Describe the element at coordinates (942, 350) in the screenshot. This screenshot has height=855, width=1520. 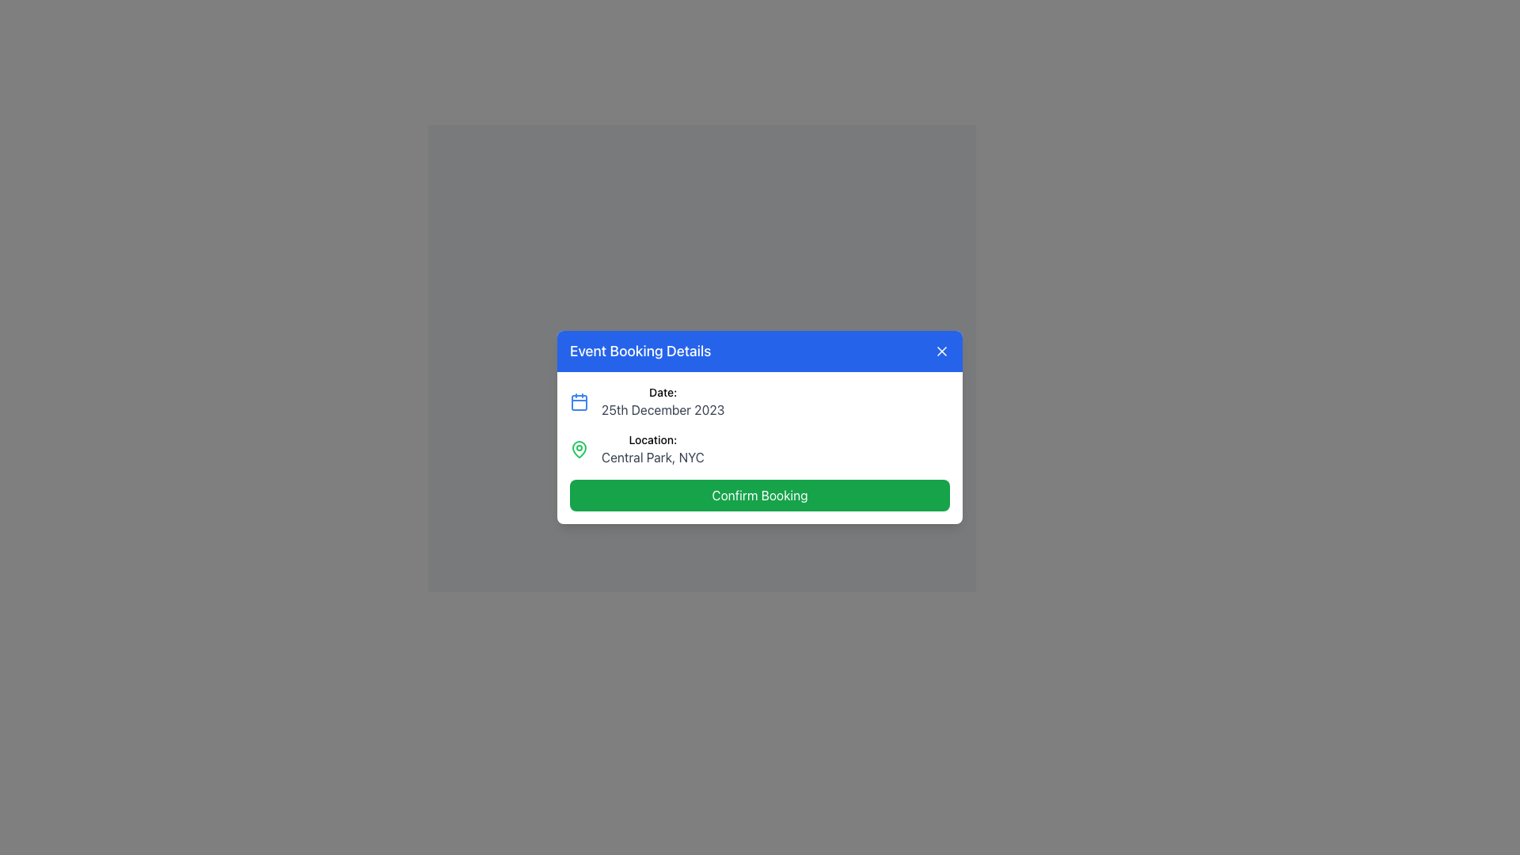
I see `the close button located in the top-right corner of the blue header area titled 'Event Booking Details'` at that location.